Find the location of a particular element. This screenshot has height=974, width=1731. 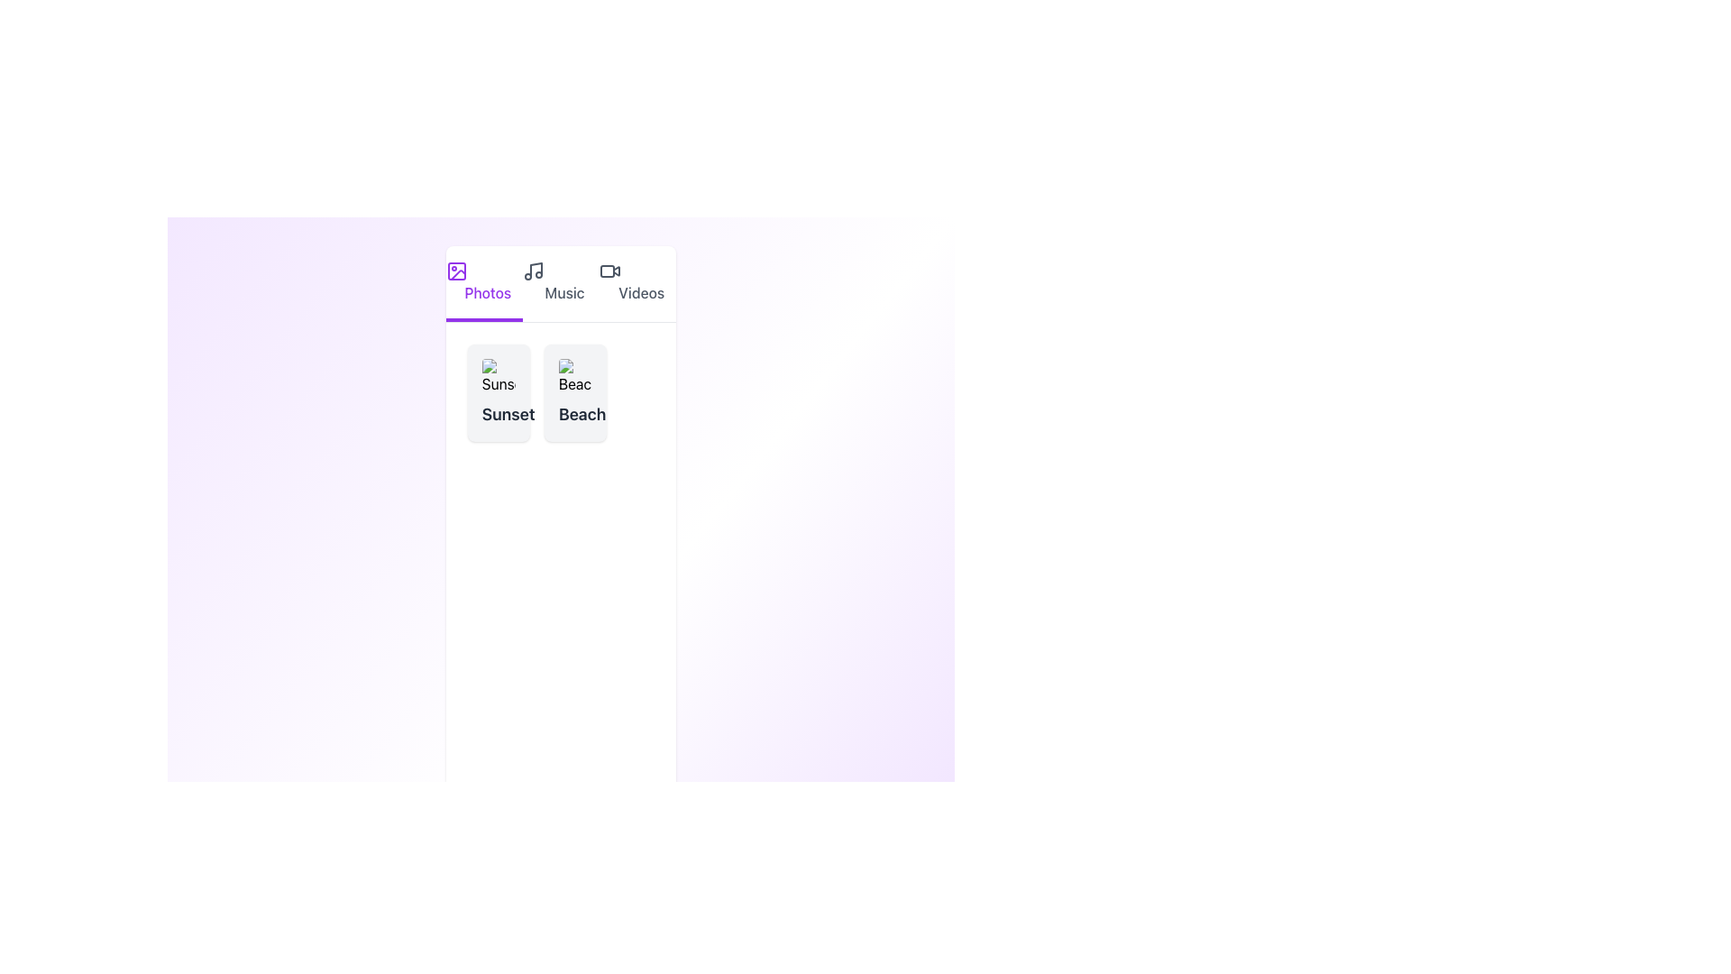

the image placeholder for the 'Beach' card component, which is displayed as a thumbnail in a gallery-style layout and has rounded corners is located at coordinates (574, 375).